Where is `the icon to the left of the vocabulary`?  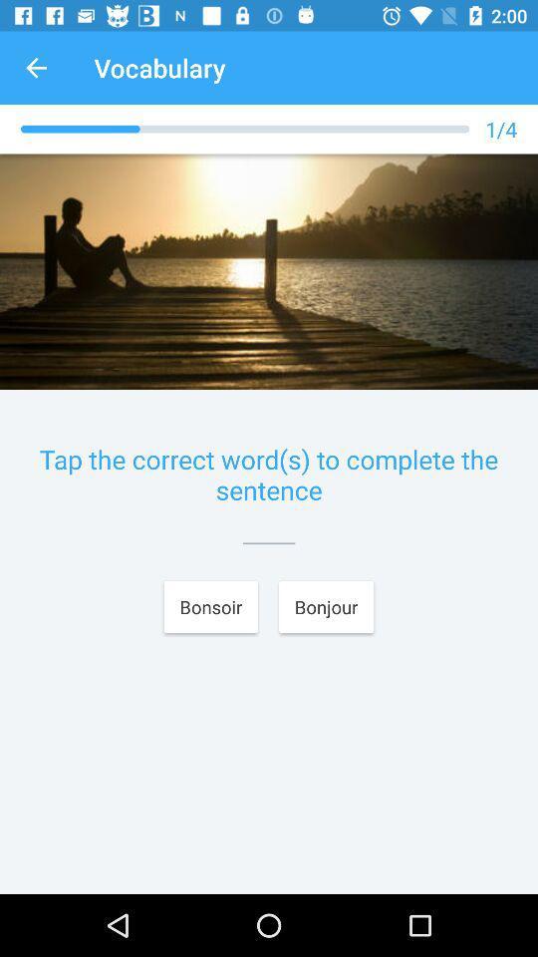
the icon to the left of the vocabulary is located at coordinates (36, 68).